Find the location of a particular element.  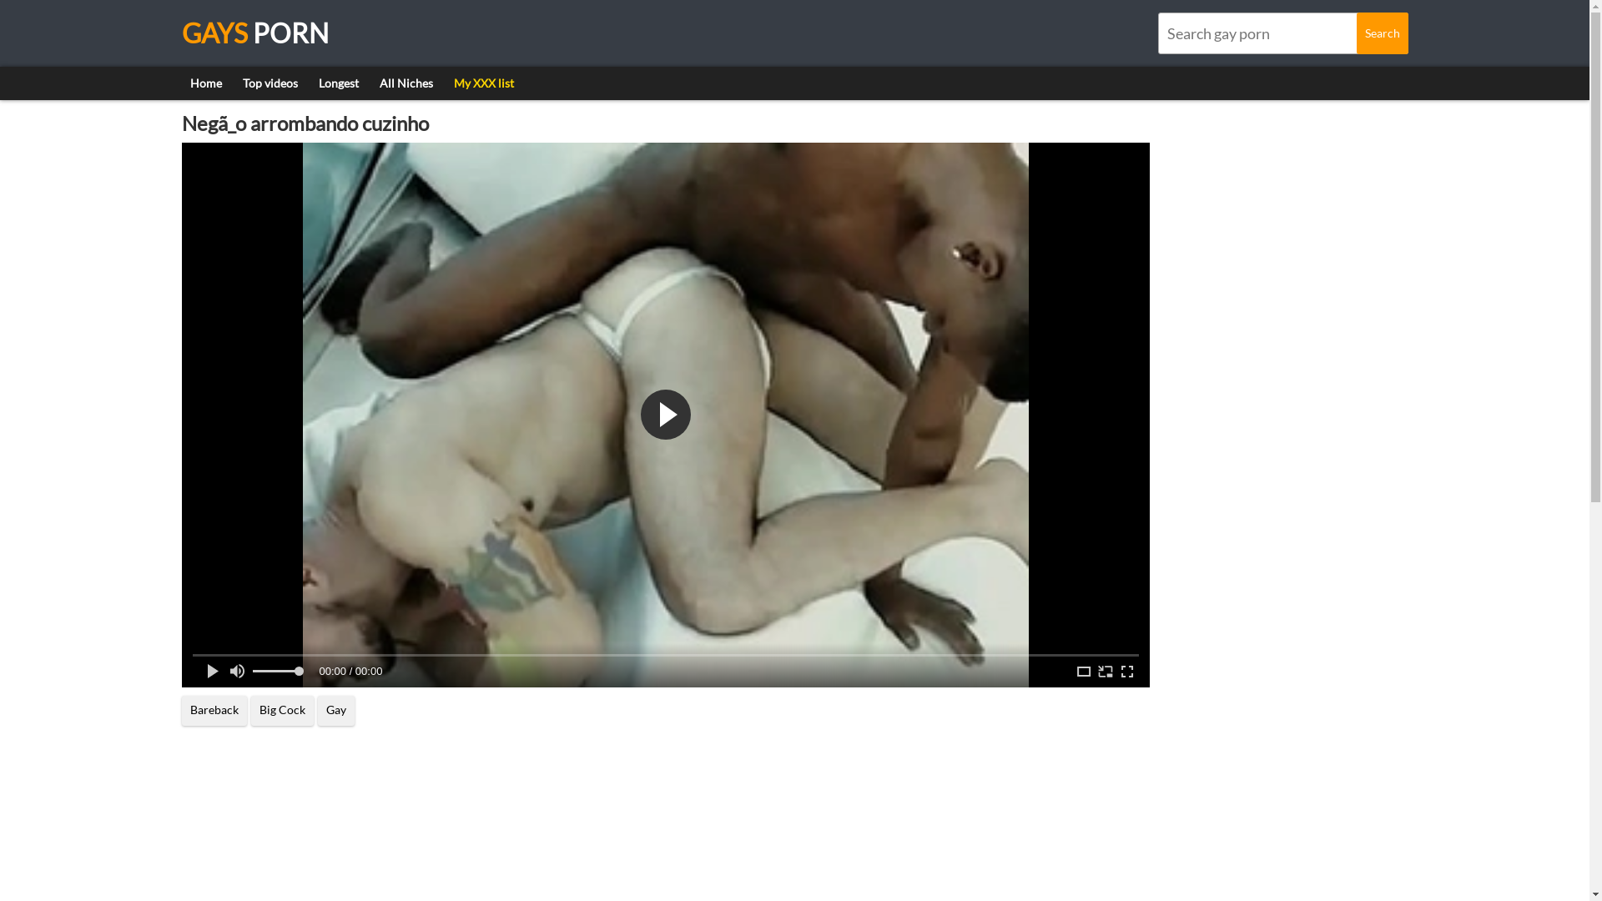

'All Niches' is located at coordinates (405, 83).